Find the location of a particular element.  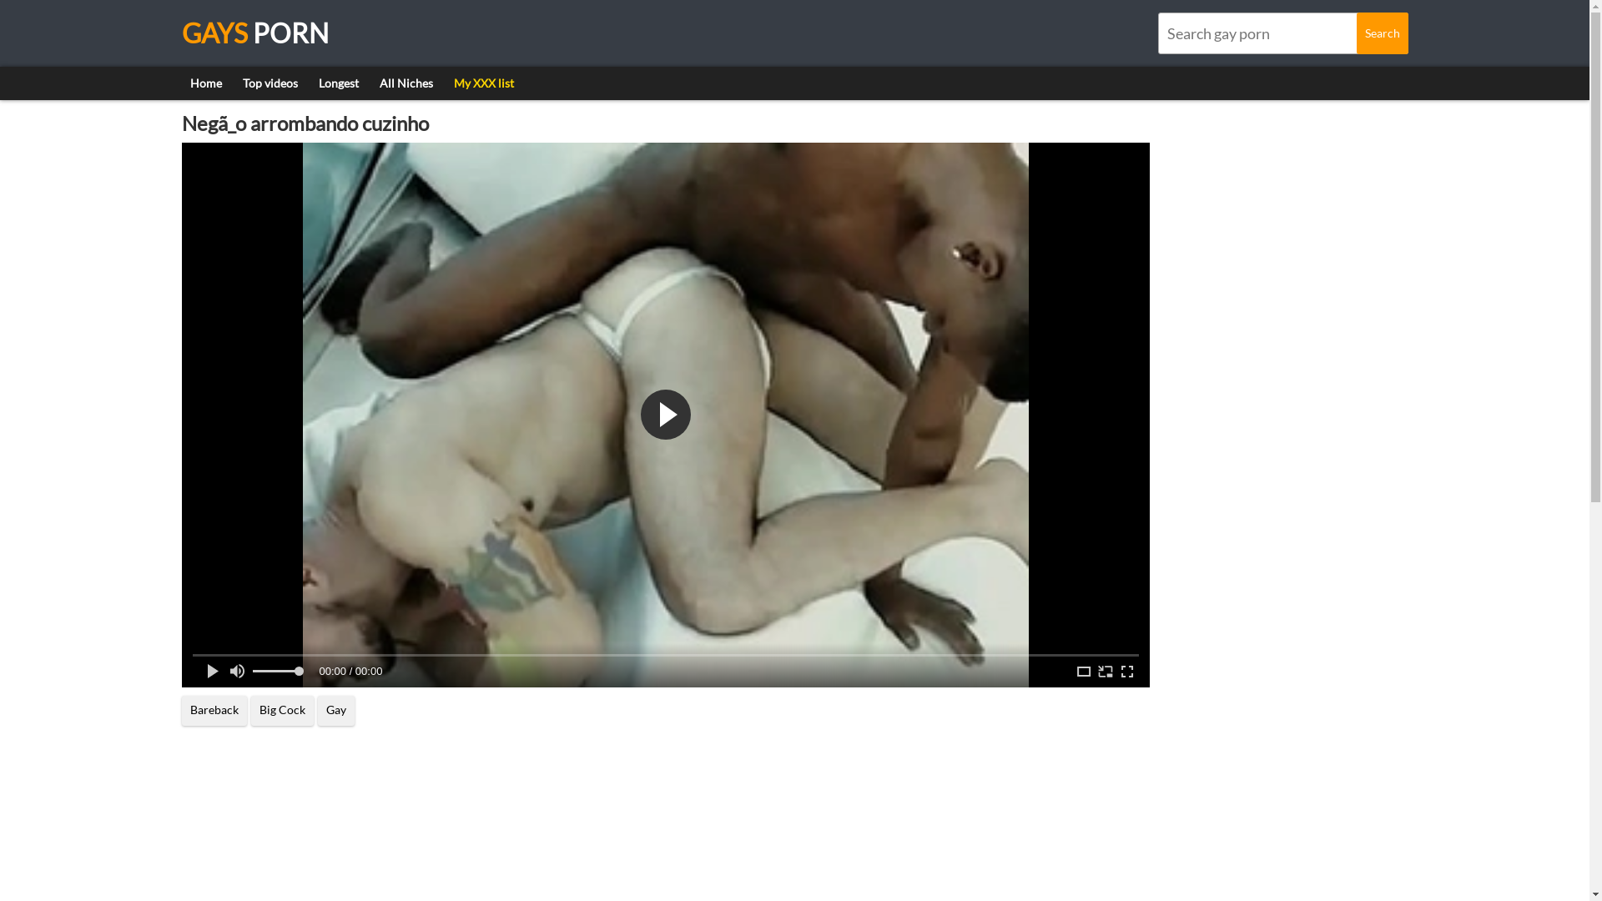

'All Niches' is located at coordinates (405, 83).